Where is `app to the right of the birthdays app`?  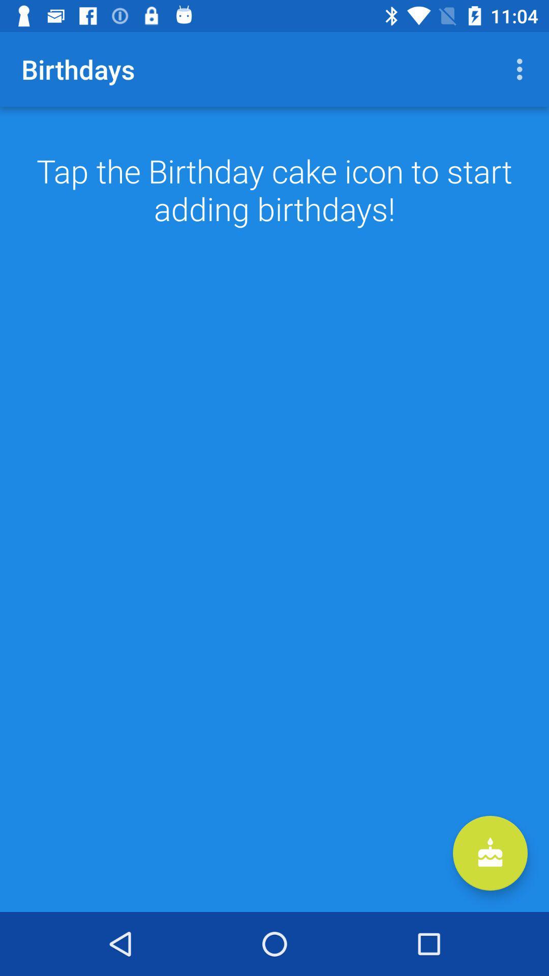
app to the right of the birthdays app is located at coordinates (522, 69).